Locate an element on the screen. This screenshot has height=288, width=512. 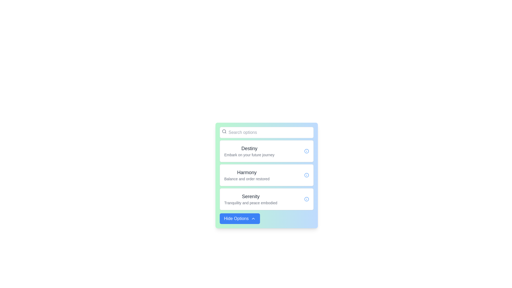
the text label within the button that allows users to collapse or hide additional options, located at the bottom of the layout is located at coordinates (236, 219).